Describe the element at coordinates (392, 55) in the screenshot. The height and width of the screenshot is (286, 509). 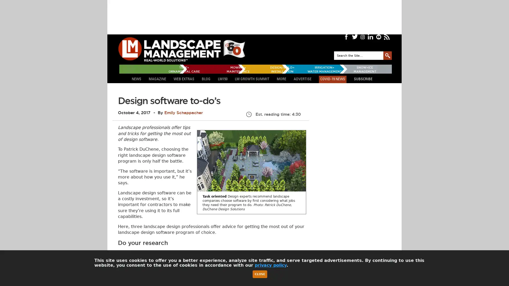
I see `GO` at that location.